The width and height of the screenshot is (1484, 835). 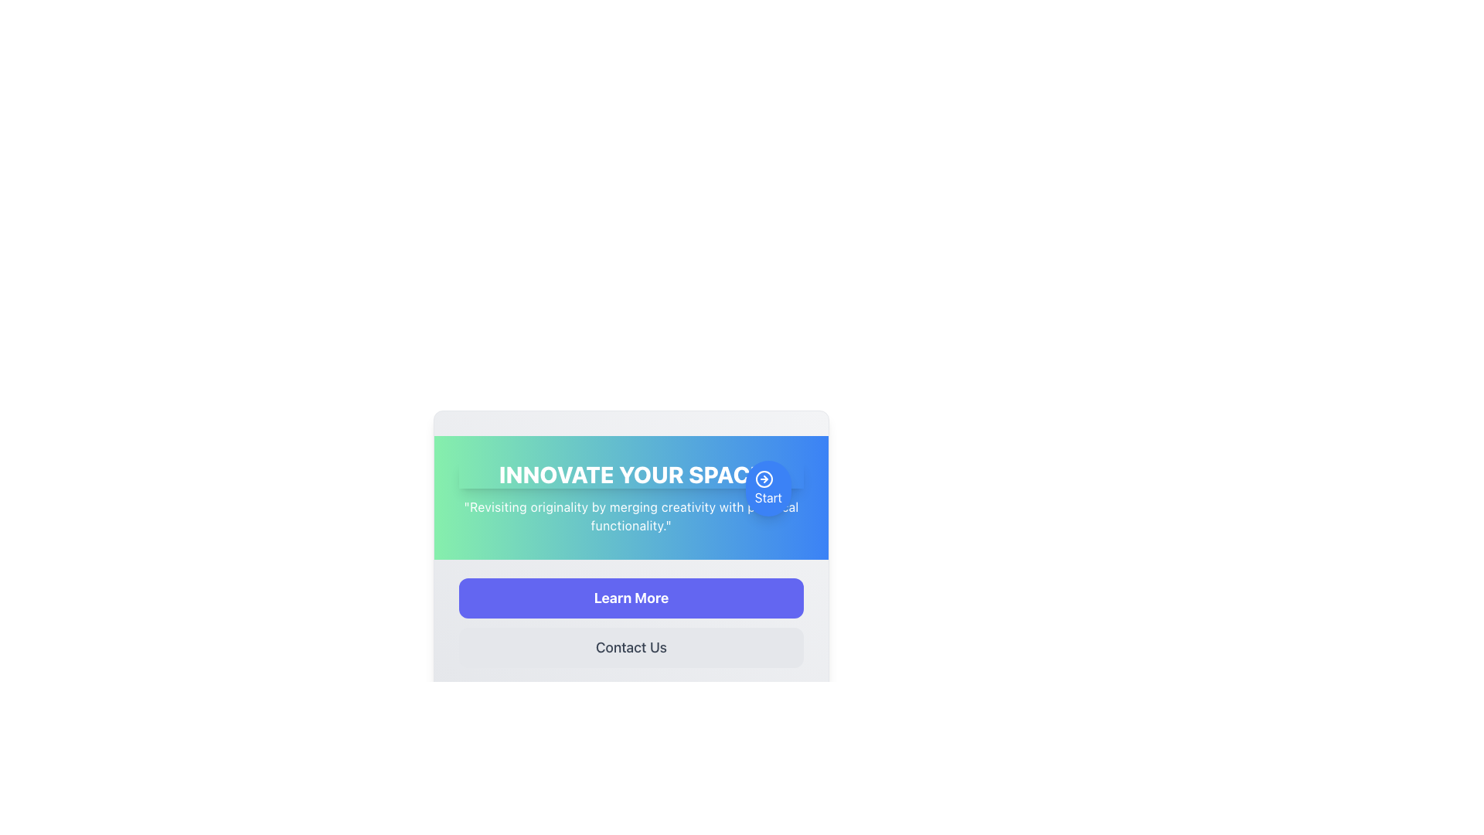 I want to click on the circular button with a blue background and the label 'Start' for keyboard interaction, so click(x=768, y=489).